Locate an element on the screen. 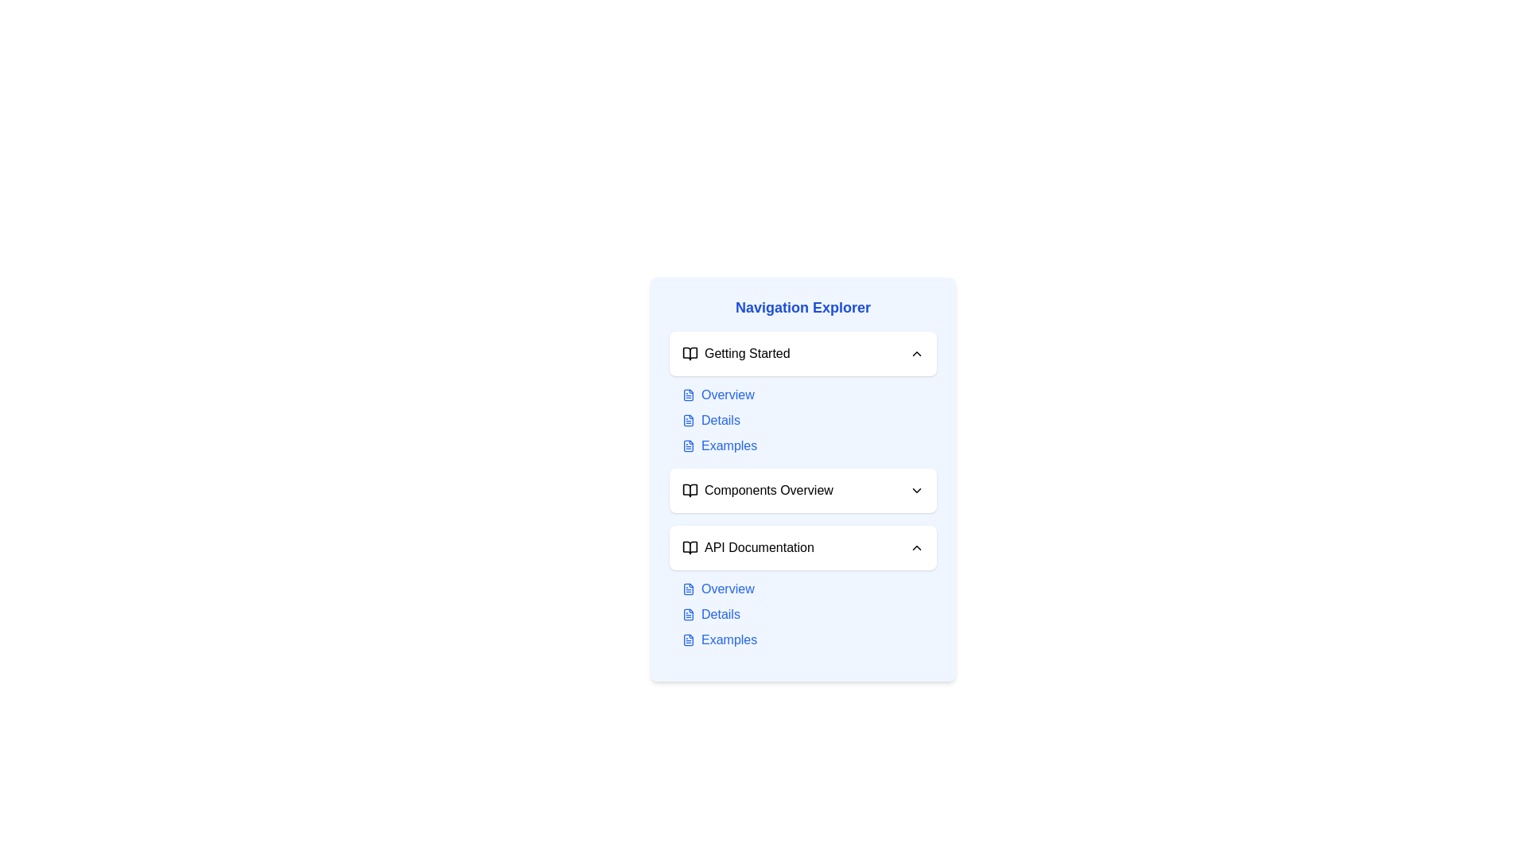  the file-text icon preceding the 'Examples' text under the expanded 'API Documentation' section in the navigation explorer is located at coordinates (688, 639).